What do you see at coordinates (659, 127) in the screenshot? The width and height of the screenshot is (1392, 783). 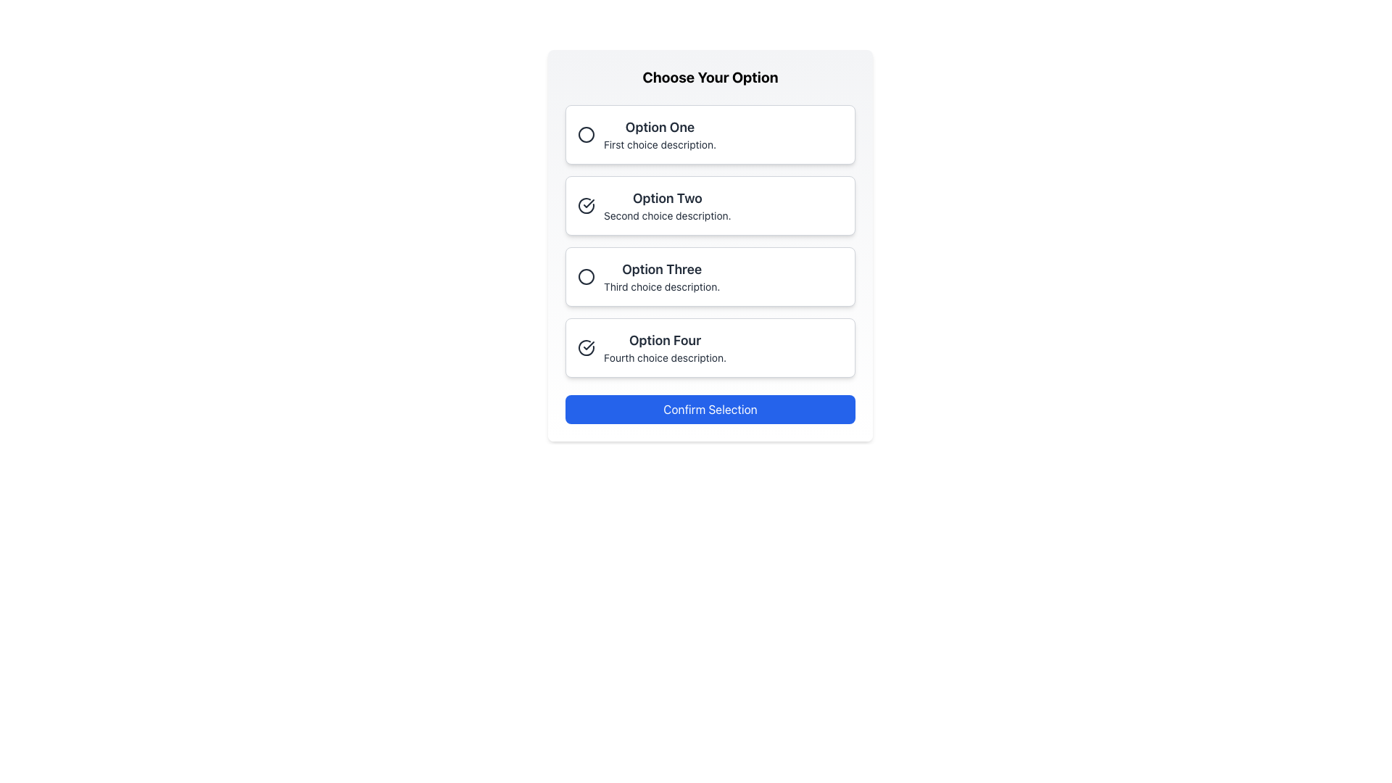 I see `the text label 'Option One' which is styled in bold and larger font, located at the top of a selection list component` at bounding box center [659, 127].